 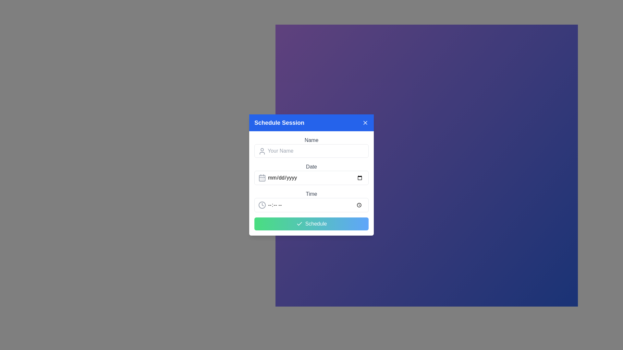 What do you see at coordinates (365, 122) in the screenshot?
I see `the close icon located in the top-right corner of the 'Schedule Session' form` at bounding box center [365, 122].